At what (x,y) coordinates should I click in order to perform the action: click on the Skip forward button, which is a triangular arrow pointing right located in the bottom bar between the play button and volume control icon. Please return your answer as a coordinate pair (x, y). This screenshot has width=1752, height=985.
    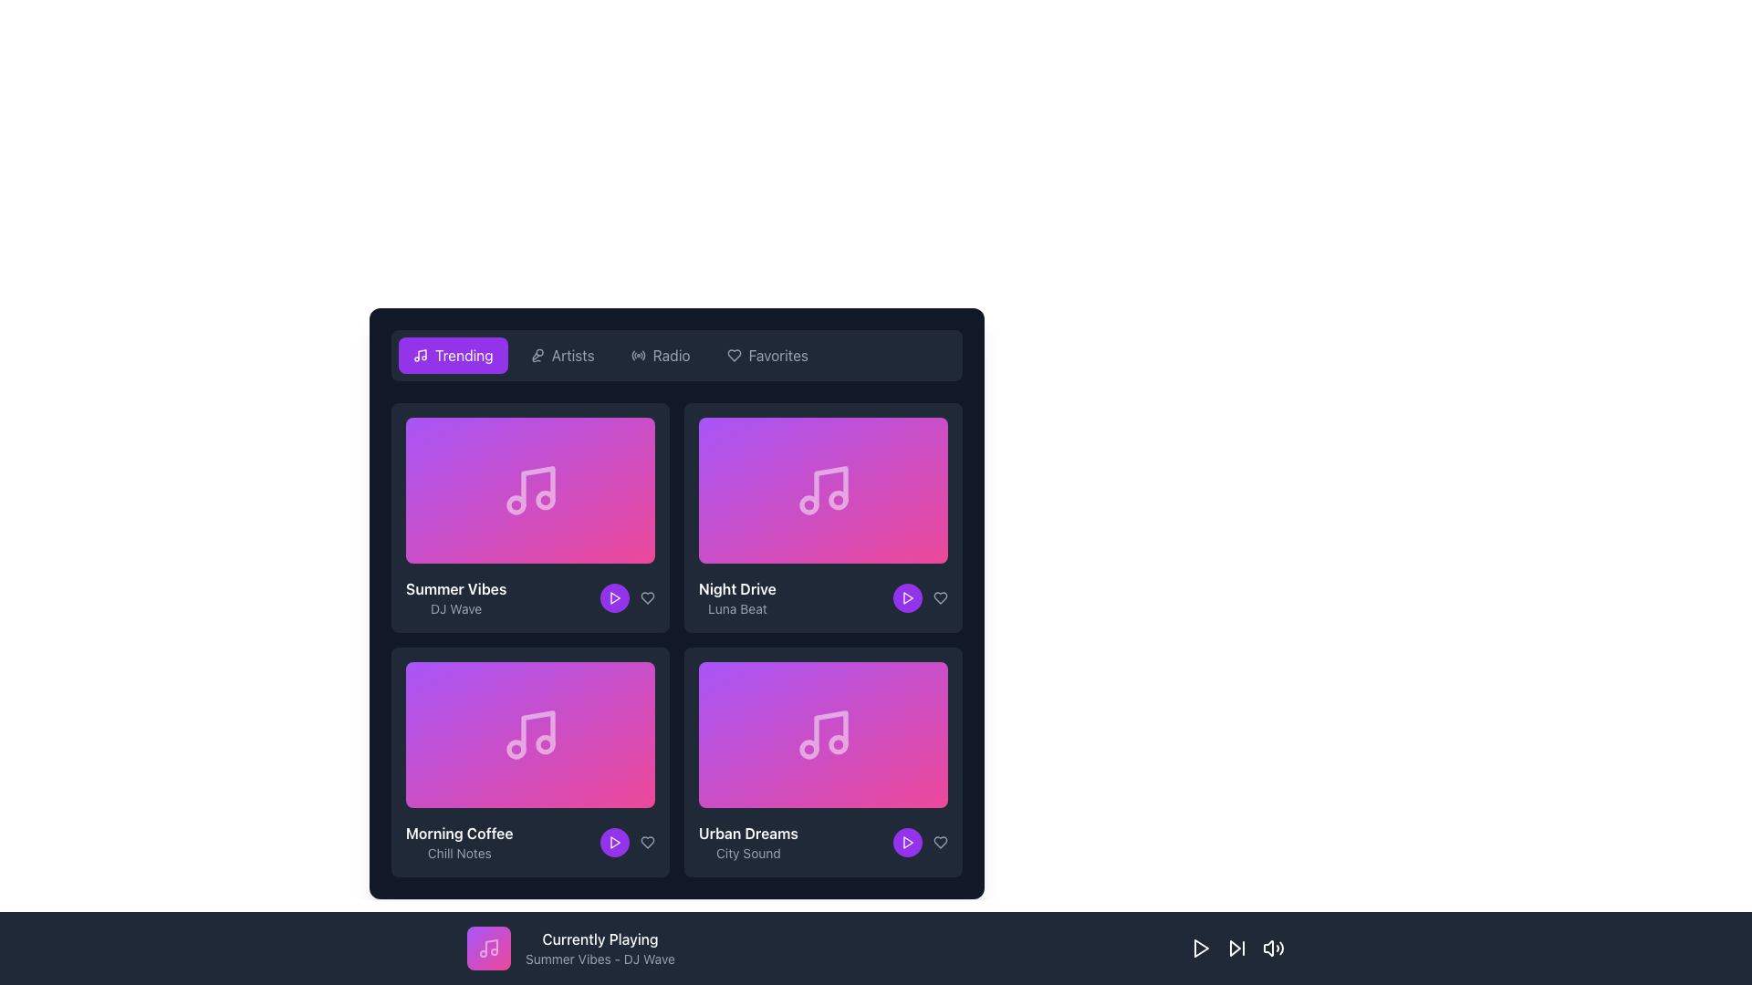
    Looking at the image, I should click on (1237, 948).